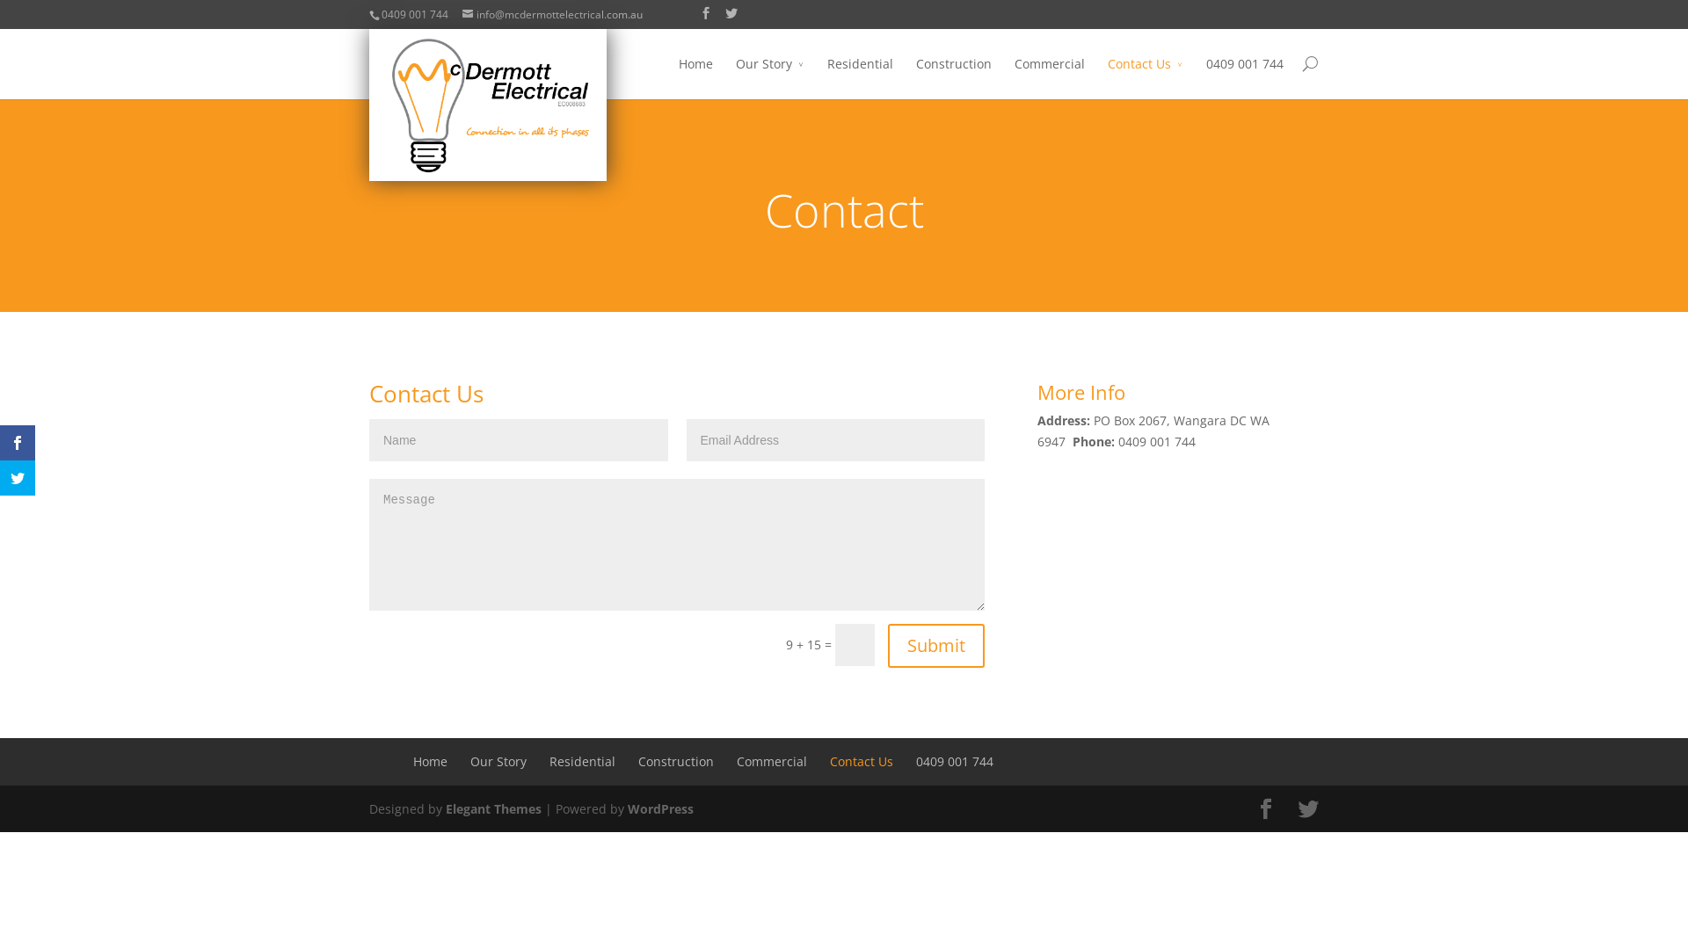  I want to click on 'Commercial', so click(772, 760).